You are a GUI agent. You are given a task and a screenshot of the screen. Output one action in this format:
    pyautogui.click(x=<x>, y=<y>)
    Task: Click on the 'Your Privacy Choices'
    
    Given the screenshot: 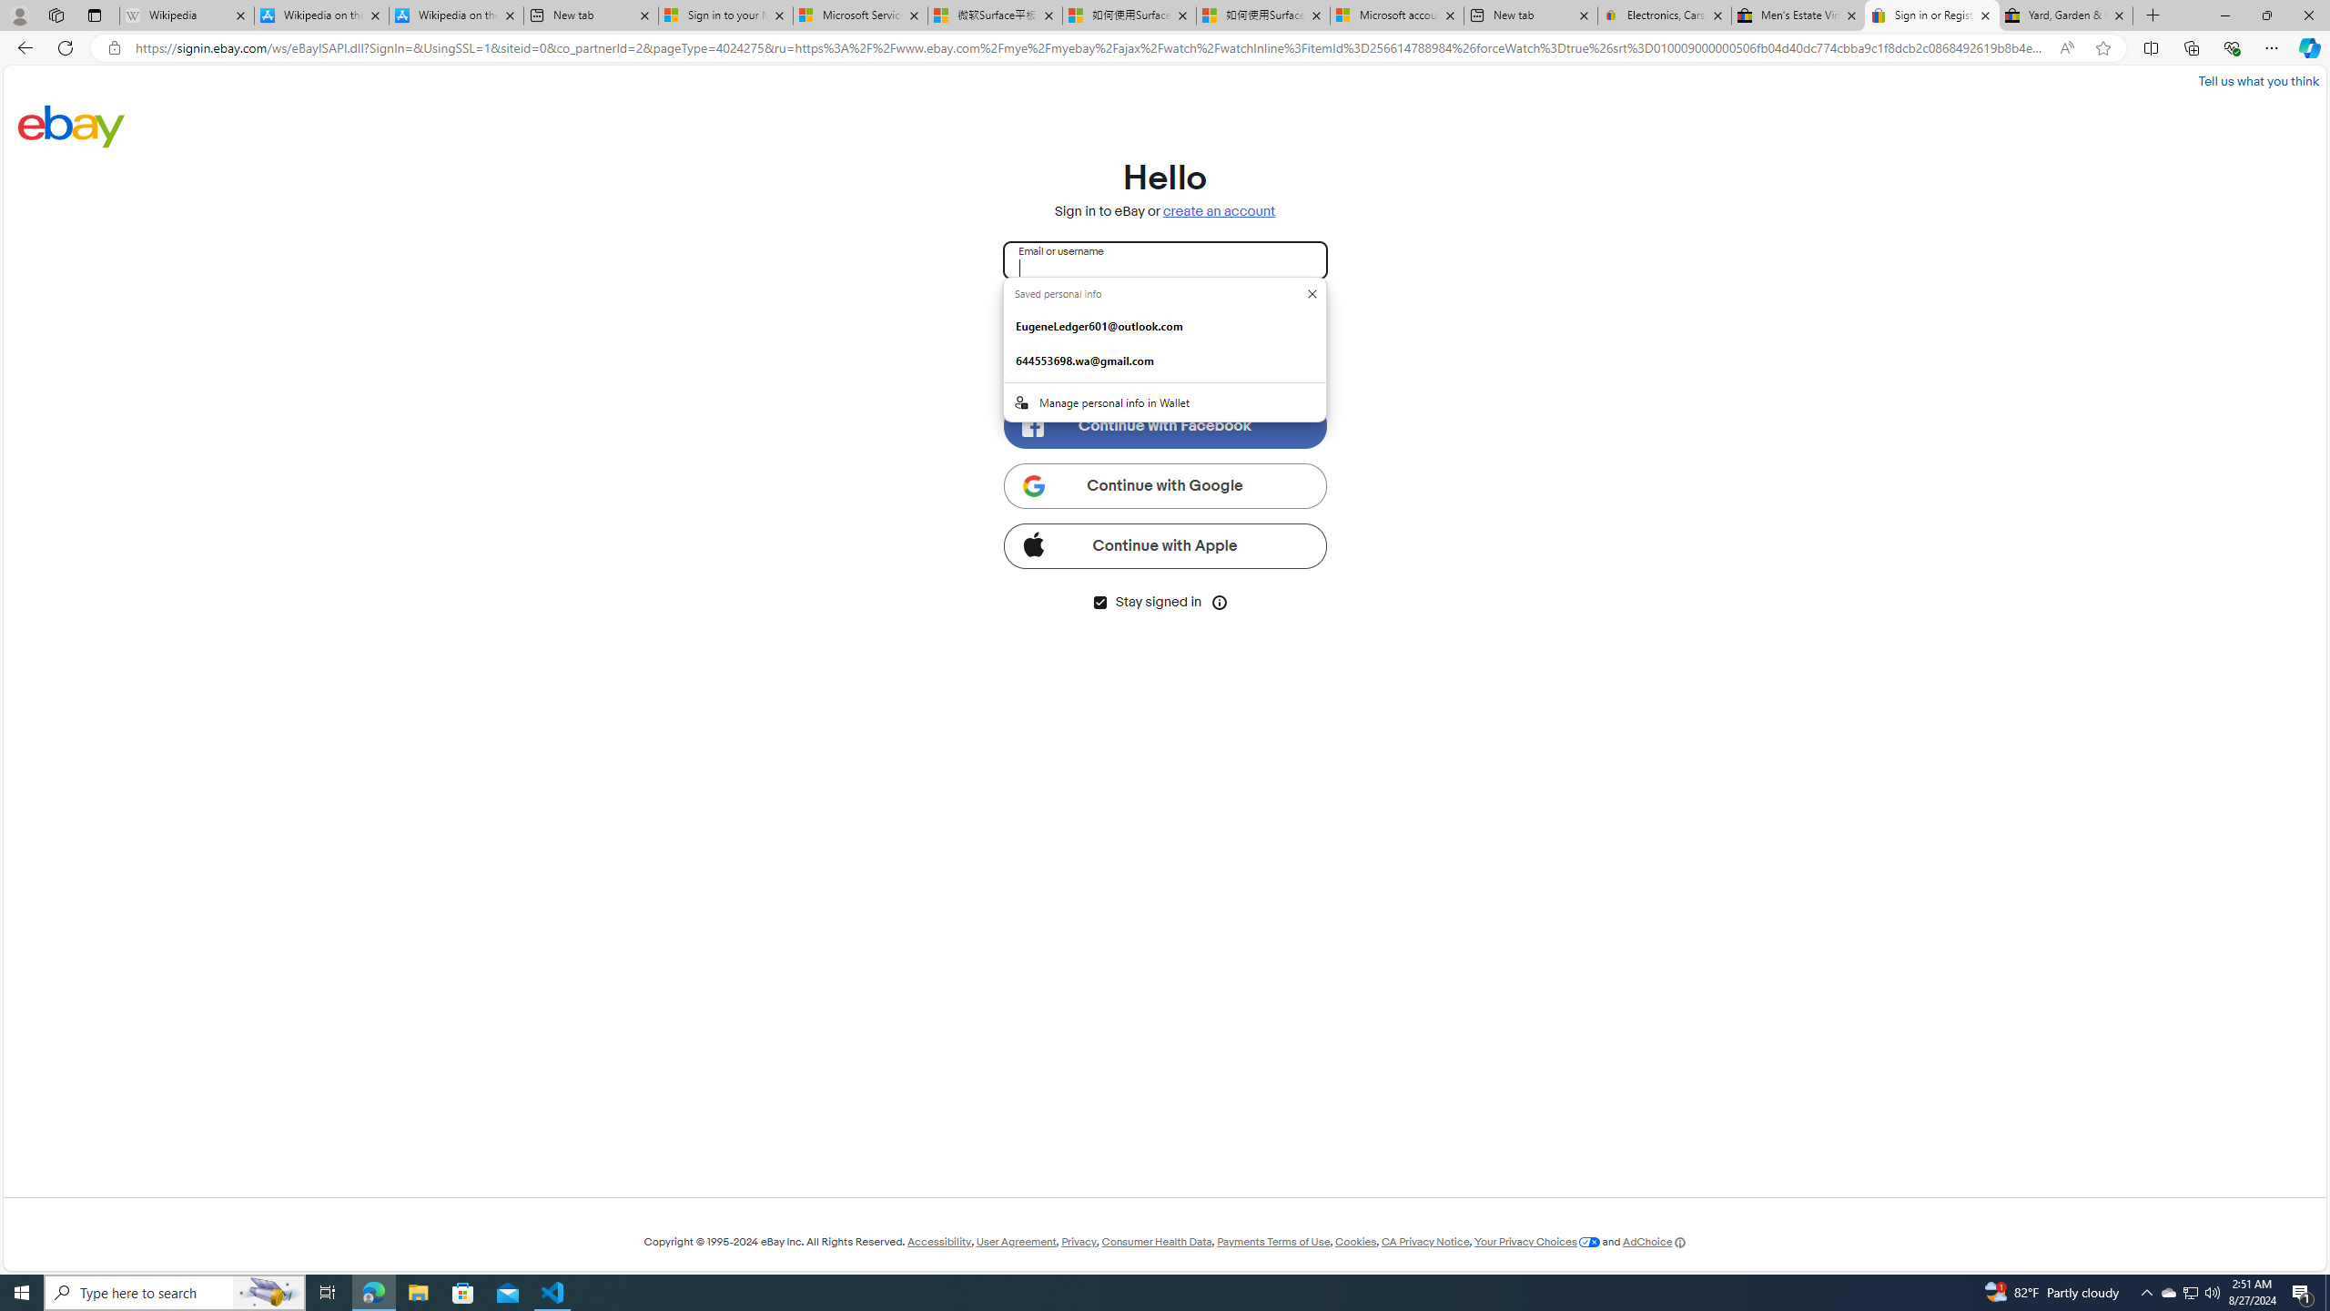 What is the action you would take?
    pyautogui.click(x=1536, y=1241)
    